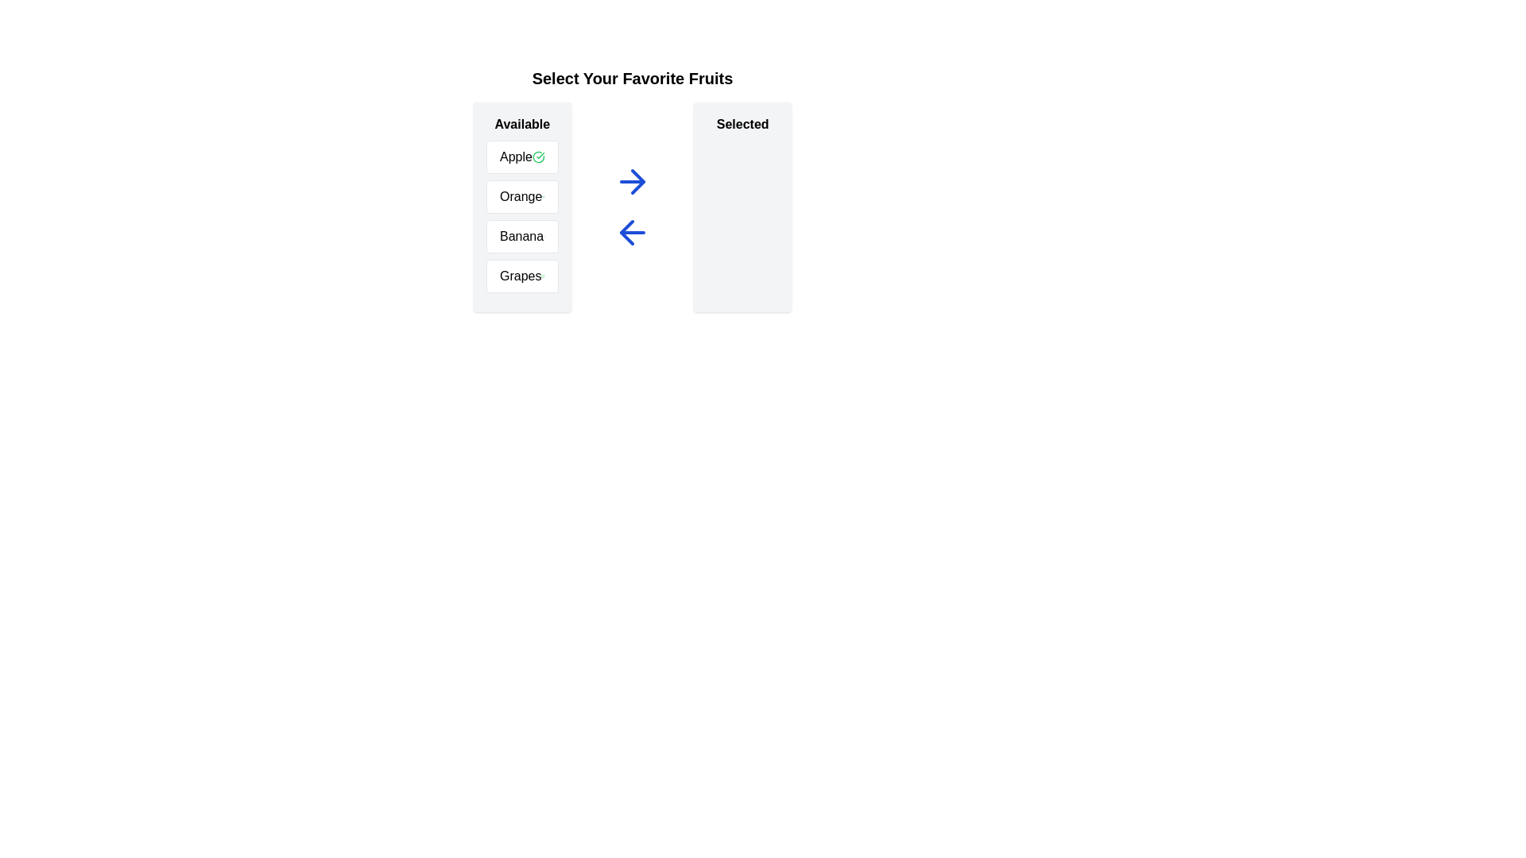 This screenshot has width=1526, height=858. What do you see at coordinates (522, 195) in the screenshot?
I see `the text of the available item 'Orange' to select it` at bounding box center [522, 195].